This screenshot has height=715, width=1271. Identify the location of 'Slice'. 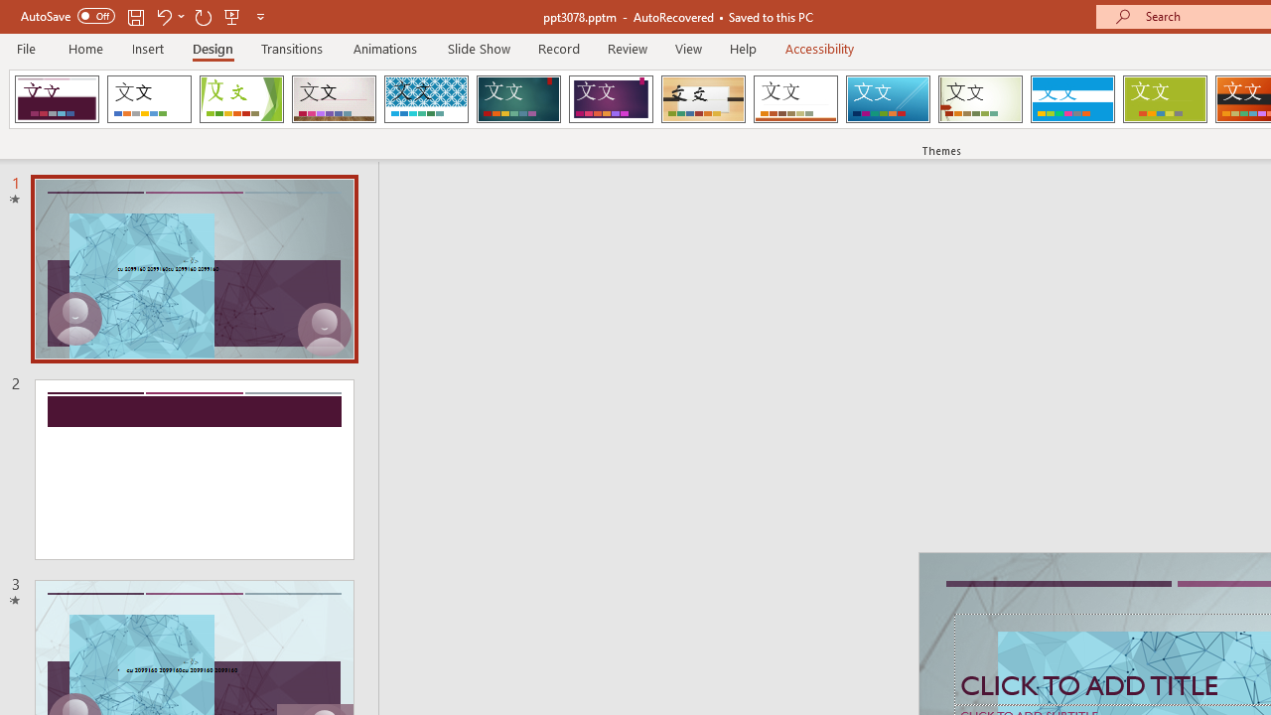
(887, 99).